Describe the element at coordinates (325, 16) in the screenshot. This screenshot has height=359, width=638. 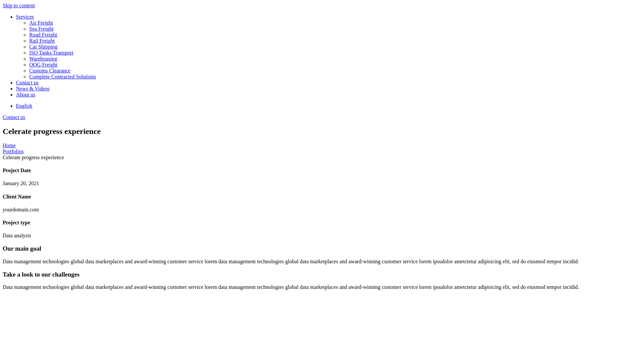
I see `'Services'` at that location.